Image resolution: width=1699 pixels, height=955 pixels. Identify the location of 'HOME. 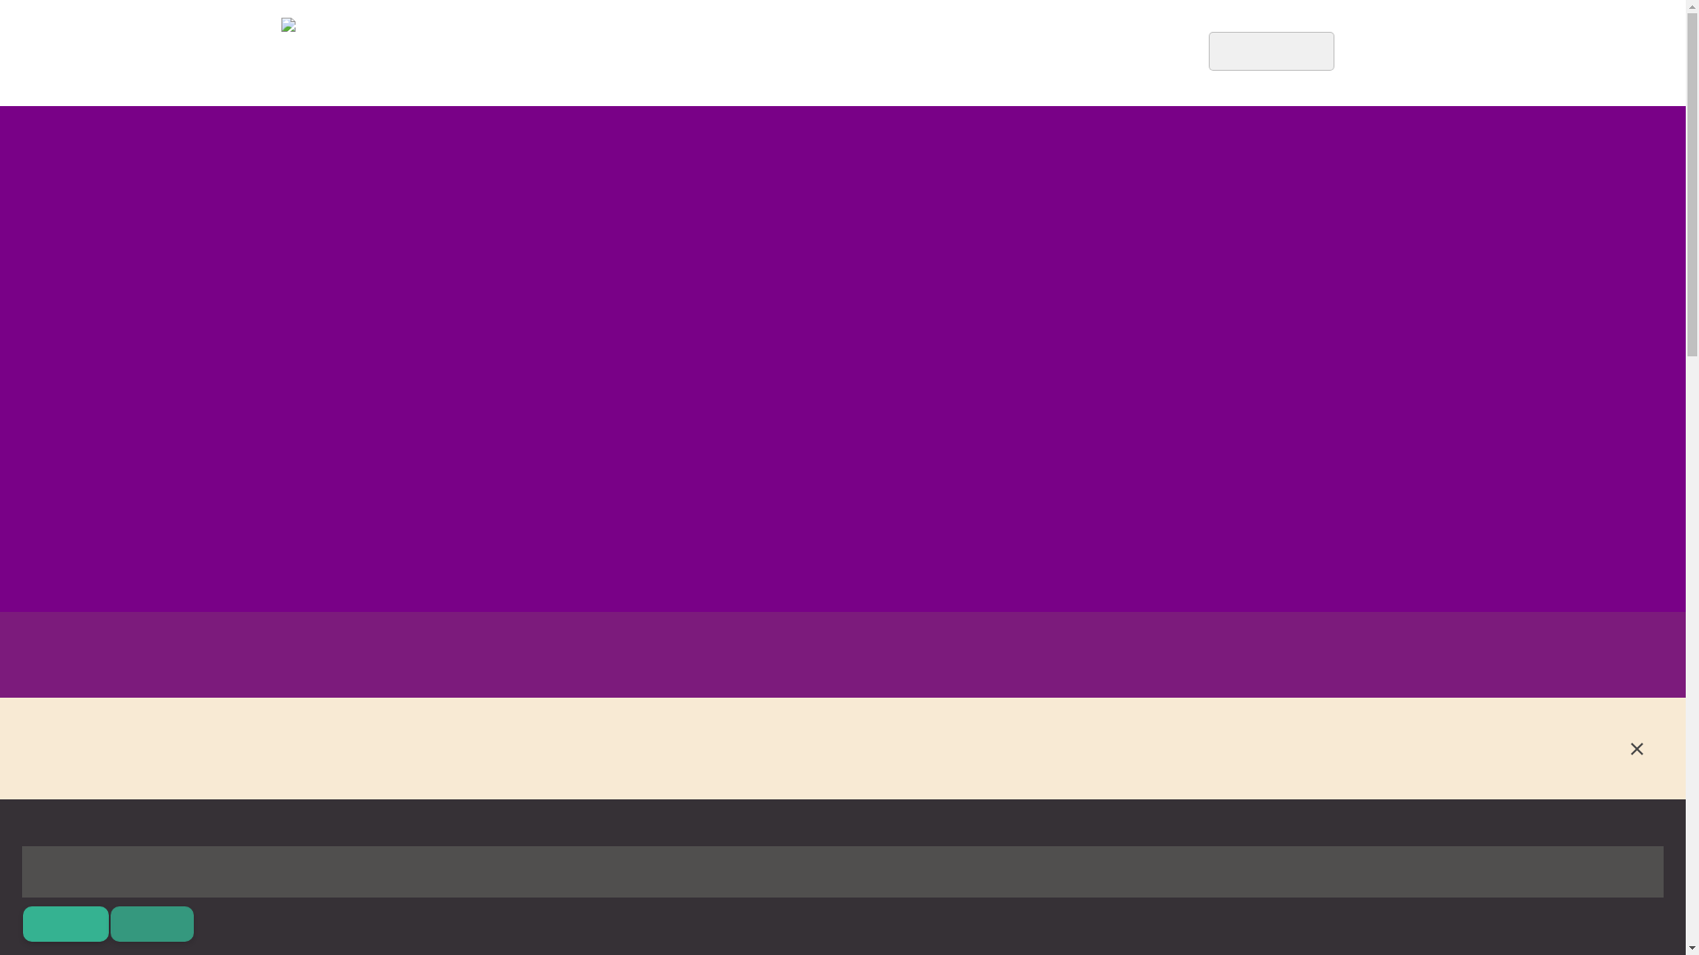
(634, 52).